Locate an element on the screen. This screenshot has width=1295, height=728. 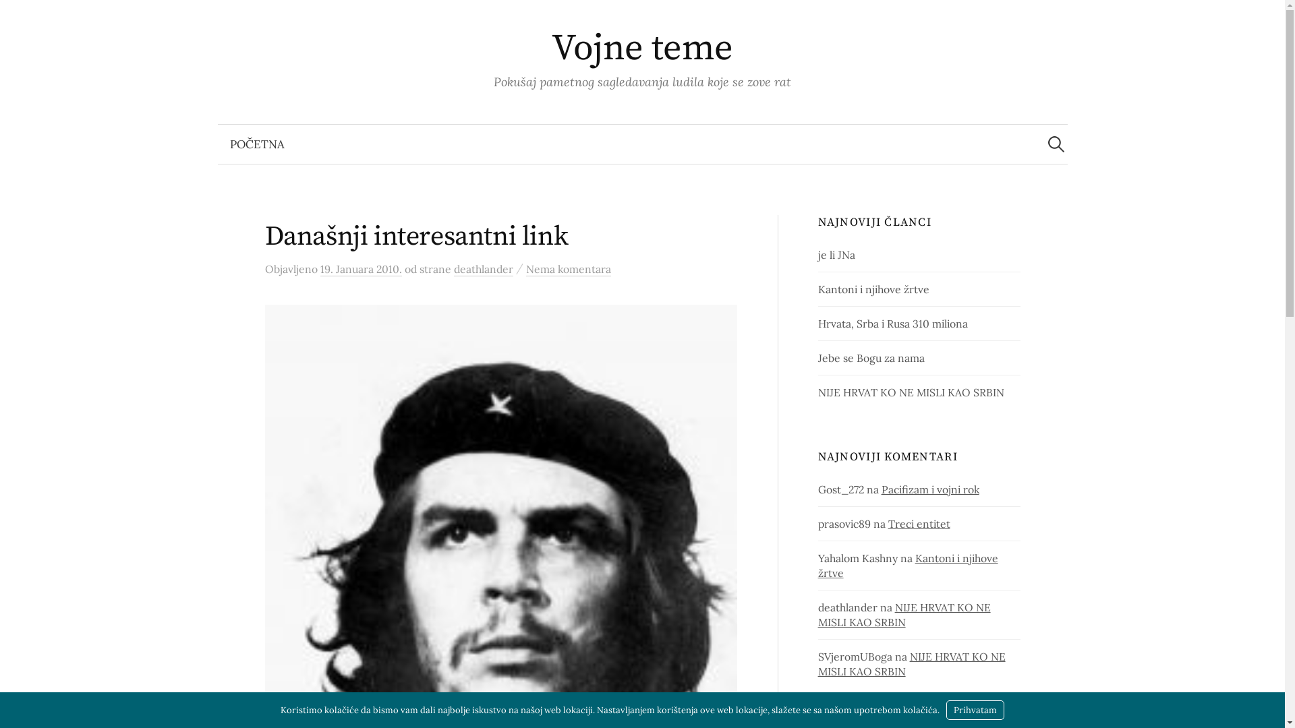
'Vojne teme' is located at coordinates (641, 48).